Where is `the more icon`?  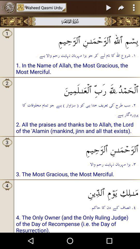 the more icon is located at coordinates (134, 8).